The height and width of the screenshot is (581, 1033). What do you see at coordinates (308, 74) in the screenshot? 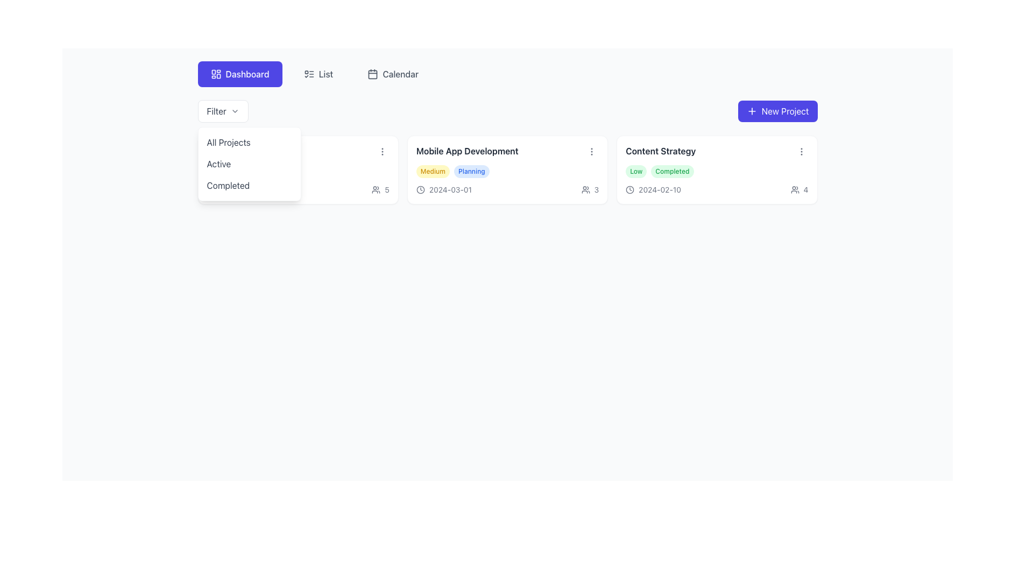
I see `the to-do list icon in the navigation menu, located to the right of the 'Dashboard' button and adjacent to the text 'List'` at bounding box center [308, 74].